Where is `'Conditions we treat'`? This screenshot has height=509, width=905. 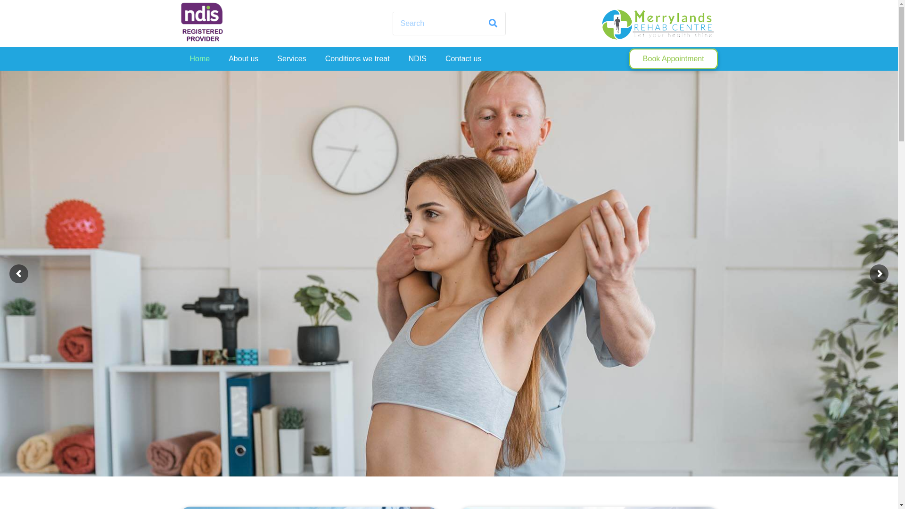
'Conditions we treat' is located at coordinates (357, 58).